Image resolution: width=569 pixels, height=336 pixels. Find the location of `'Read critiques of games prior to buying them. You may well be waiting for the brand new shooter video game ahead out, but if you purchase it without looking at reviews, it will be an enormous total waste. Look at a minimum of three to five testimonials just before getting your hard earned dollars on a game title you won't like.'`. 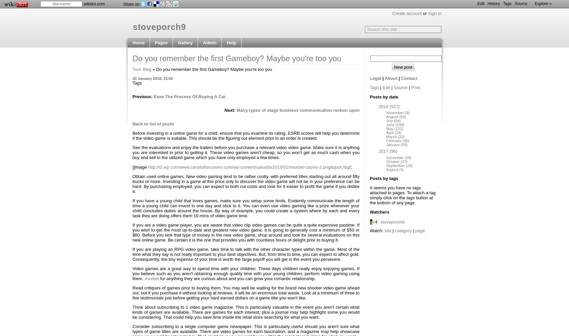

'Read critiques of games prior to buying them. You may well be waiting for the brand new shooter video game ahead out, but if you purchase it without looking at reviews, it will be an enormous total waste. Look at a minimum of three to five testimonials just before getting your hard earned dollars on a game title you won't like.' is located at coordinates (246, 293).